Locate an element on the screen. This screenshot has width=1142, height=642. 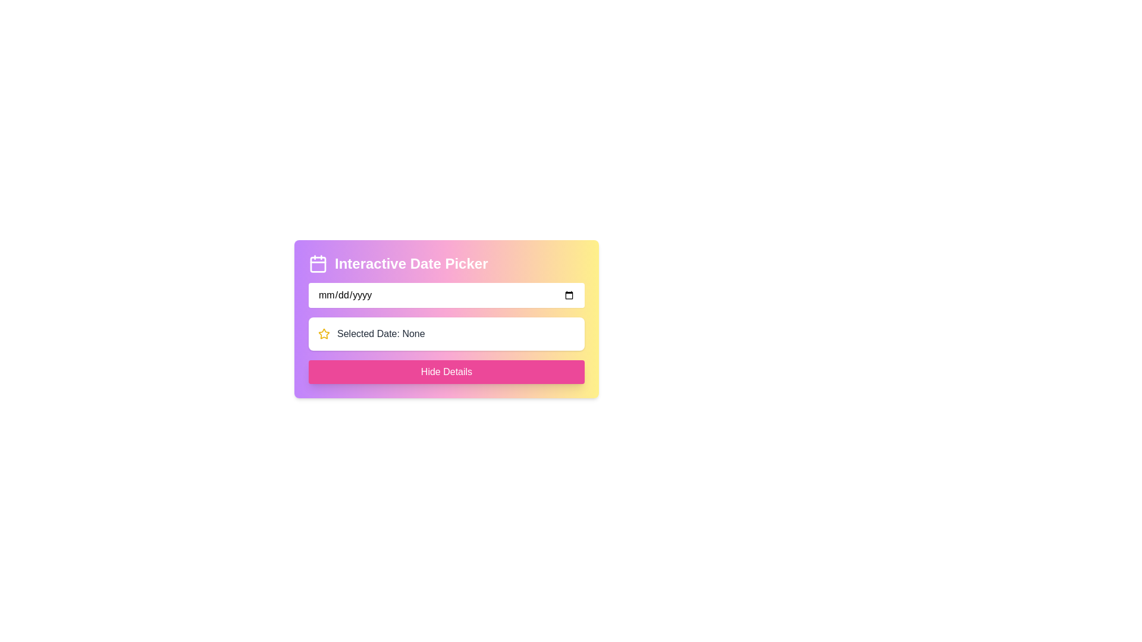
the calendar icon located at the far left of the header section of the 'Interactive Date Picker' interface for information is located at coordinates (318, 263).